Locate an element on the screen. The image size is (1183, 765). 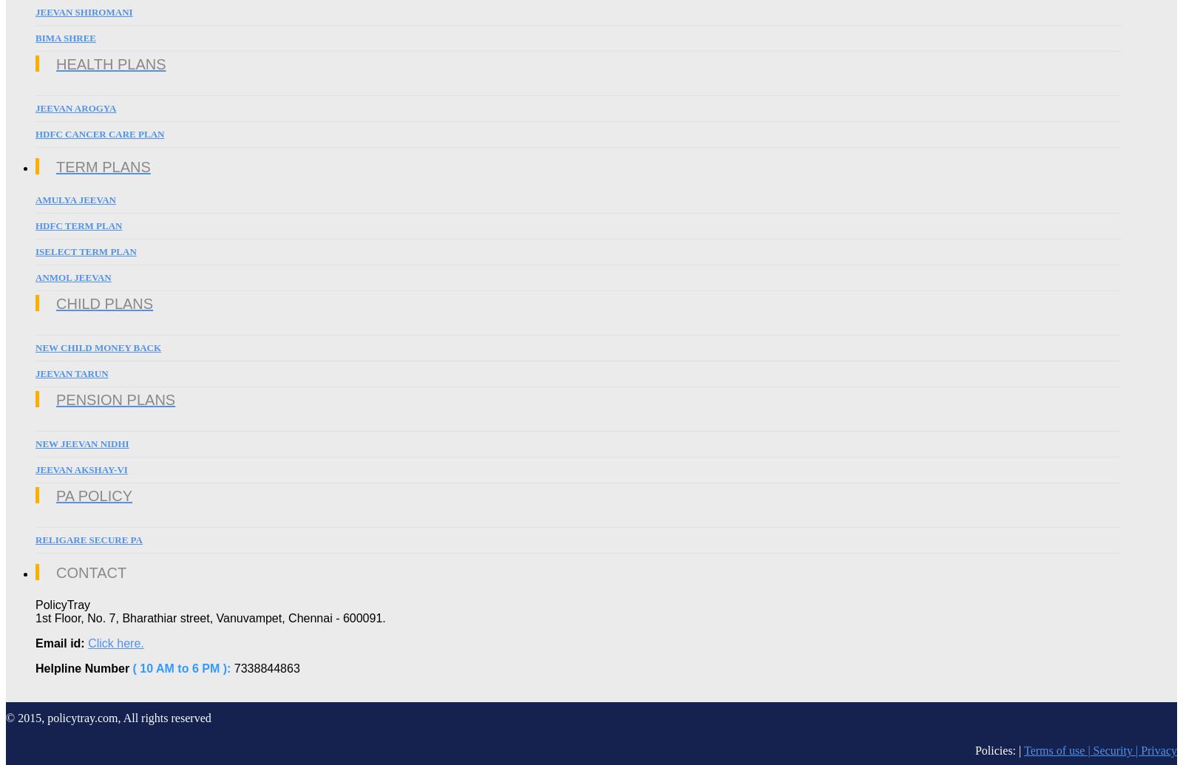
'Pension Plans' is located at coordinates (115, 398).